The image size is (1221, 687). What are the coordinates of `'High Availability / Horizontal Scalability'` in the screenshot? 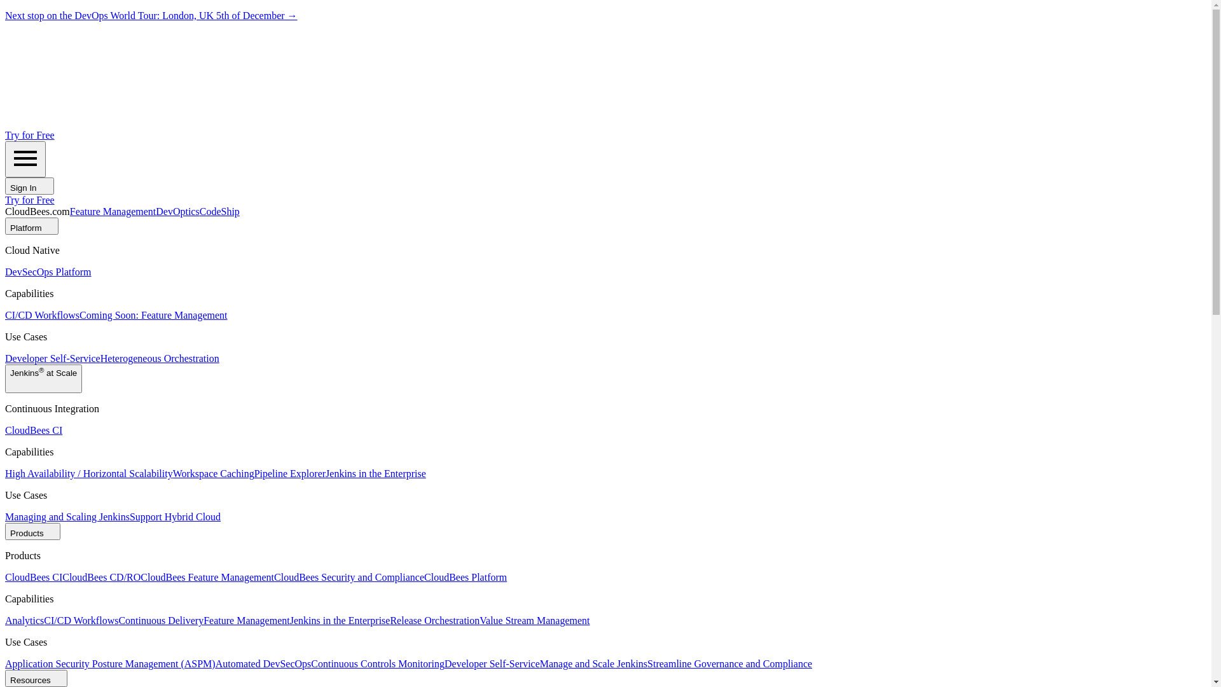 It's located at (88, 473).